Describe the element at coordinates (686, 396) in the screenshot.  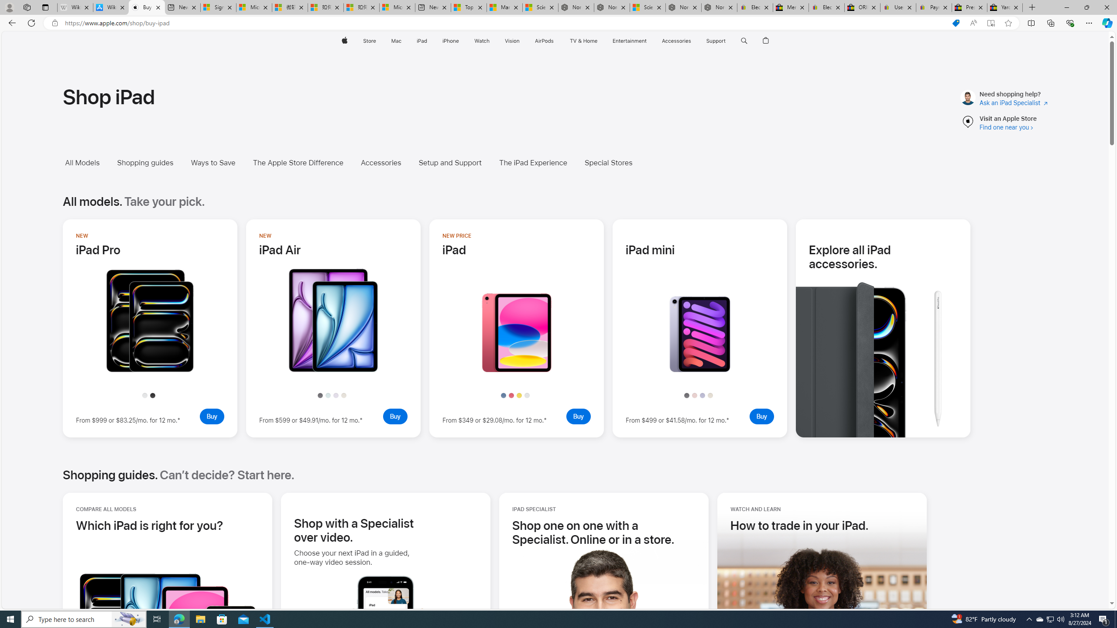
I see `'Space Gray'` at that location.